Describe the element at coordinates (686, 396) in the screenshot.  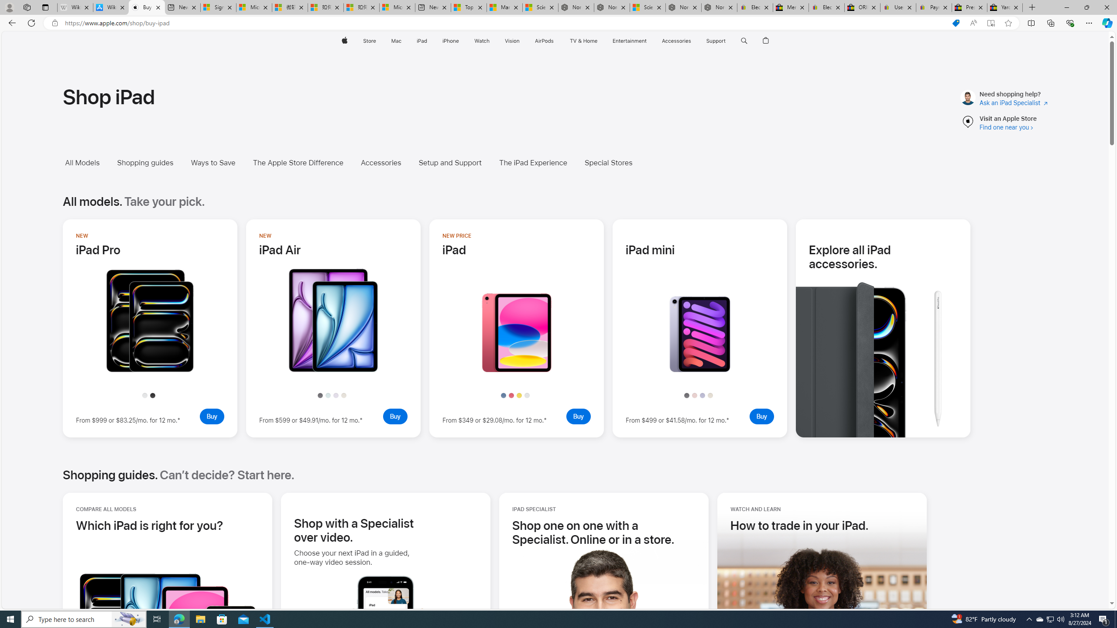
I see `'Space Gray'` at that location.